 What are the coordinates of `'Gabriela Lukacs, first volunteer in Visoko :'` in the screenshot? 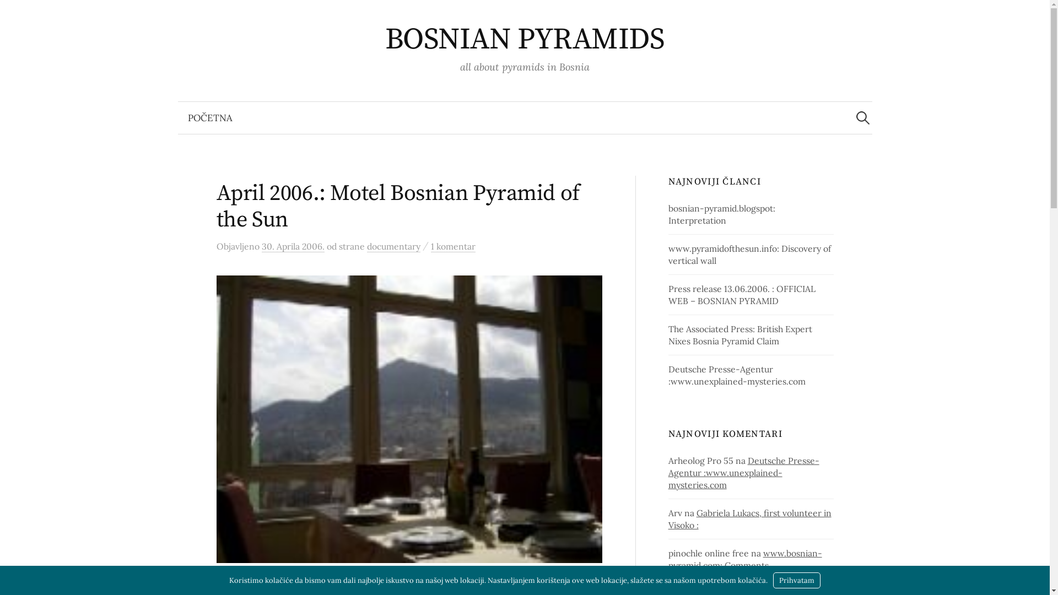 It's located at (749, 518).